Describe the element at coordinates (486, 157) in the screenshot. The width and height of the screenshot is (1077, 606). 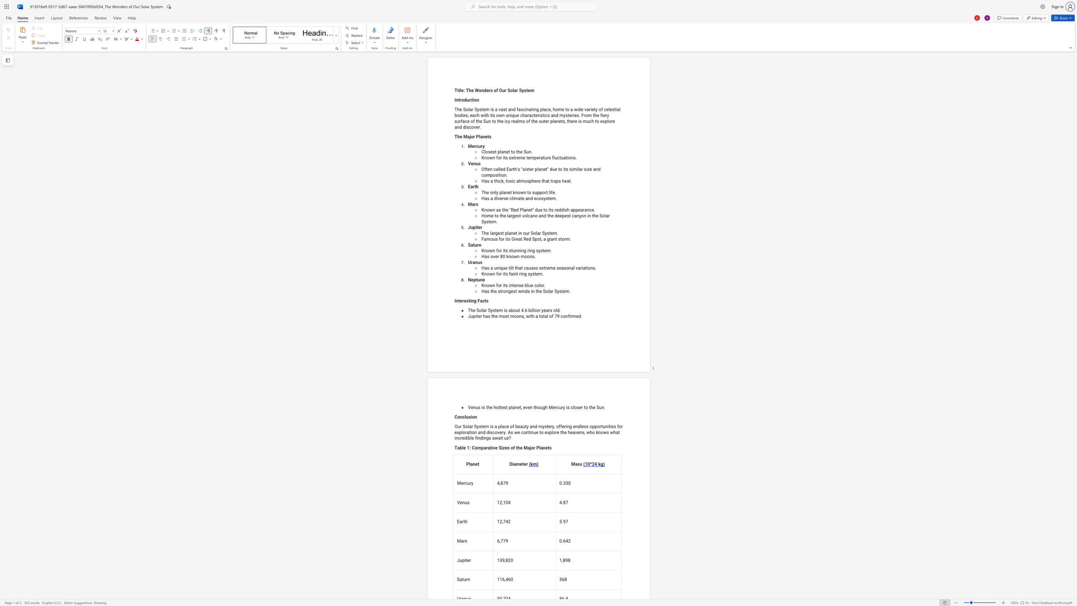
I see `the subset text "own for its extrem" within the text "Known for its extreme temperature fluctuations."` at that location.